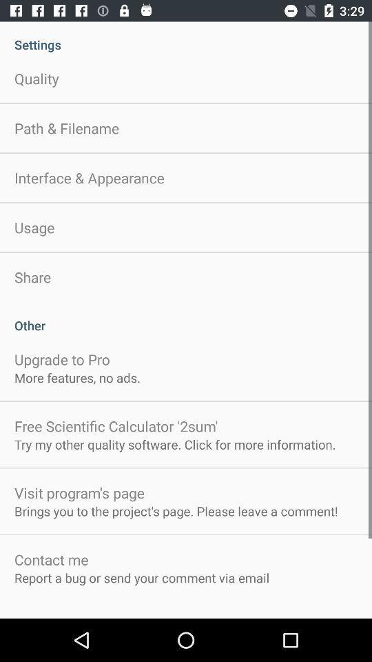 The image size is (372, 662). Describe the element at coordinates (66, 128) in the screenshot. I see `the path & filename item` at that location.